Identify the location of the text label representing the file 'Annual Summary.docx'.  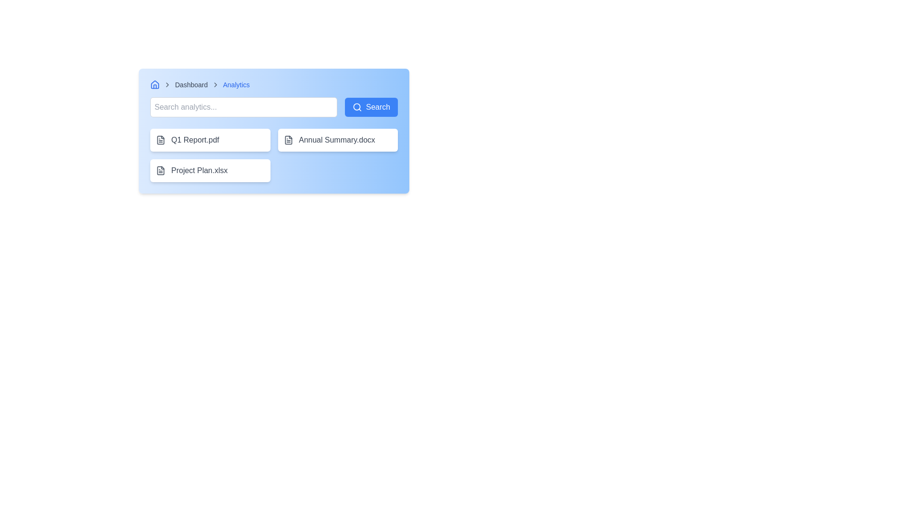
(336, 140).